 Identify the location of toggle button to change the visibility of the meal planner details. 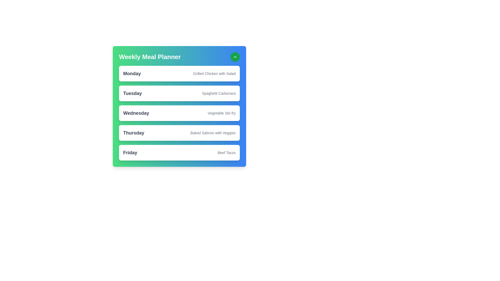
(235, 57).